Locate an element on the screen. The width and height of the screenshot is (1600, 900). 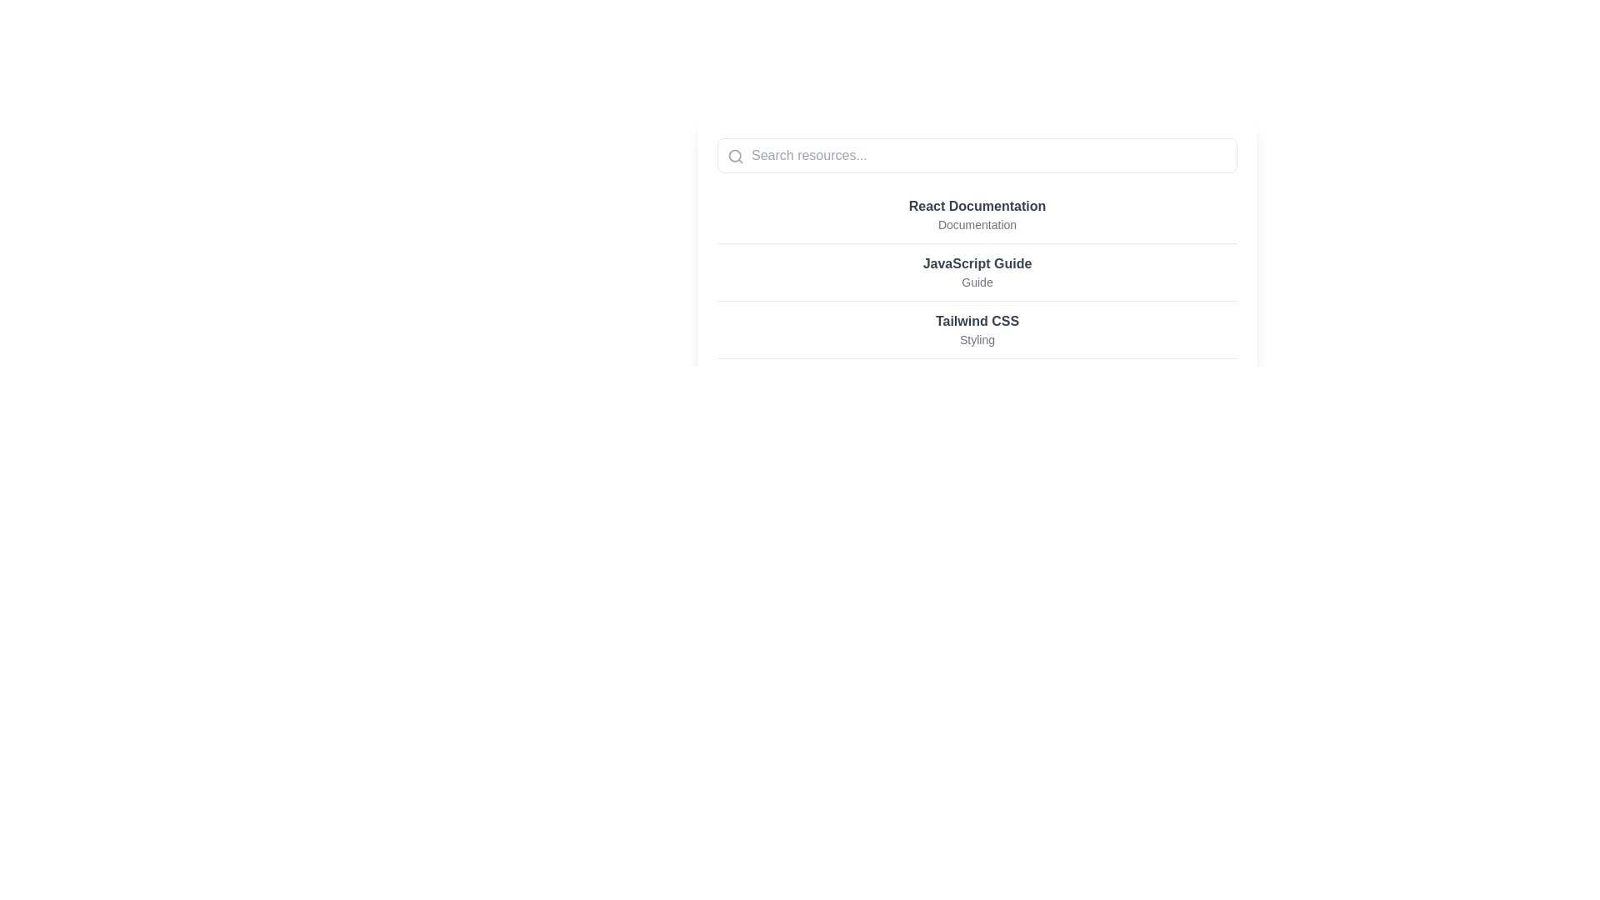
the static text label displaying the word 'Styling', which is positioned directly below the larger text 'Tailwind CSS' is located at coordinates (977, 339).